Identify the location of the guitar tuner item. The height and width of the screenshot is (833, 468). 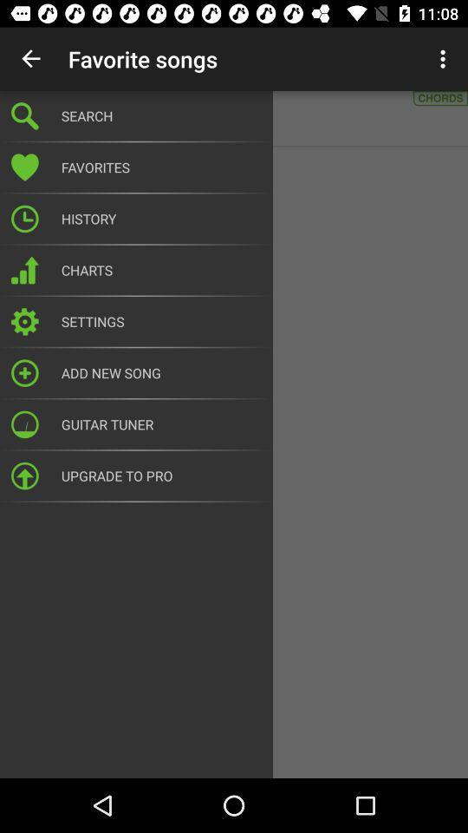
(161, 423).